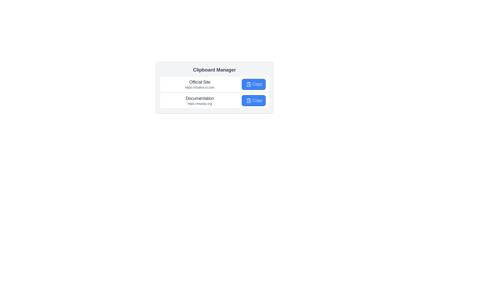  I want to click on the clipboard icon representing the copy action located within the 'Copy' button of the 'Documentation' row in the 'Clipboard Manager' interface, so click(248, 101).